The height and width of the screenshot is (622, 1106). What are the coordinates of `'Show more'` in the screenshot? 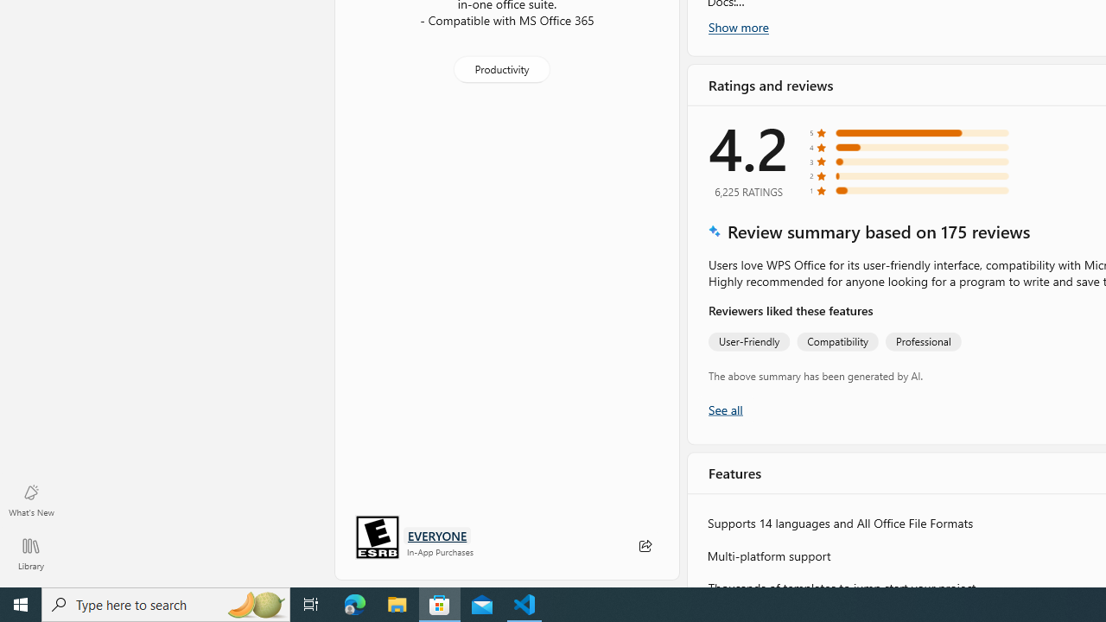 It's located at (739, 27).